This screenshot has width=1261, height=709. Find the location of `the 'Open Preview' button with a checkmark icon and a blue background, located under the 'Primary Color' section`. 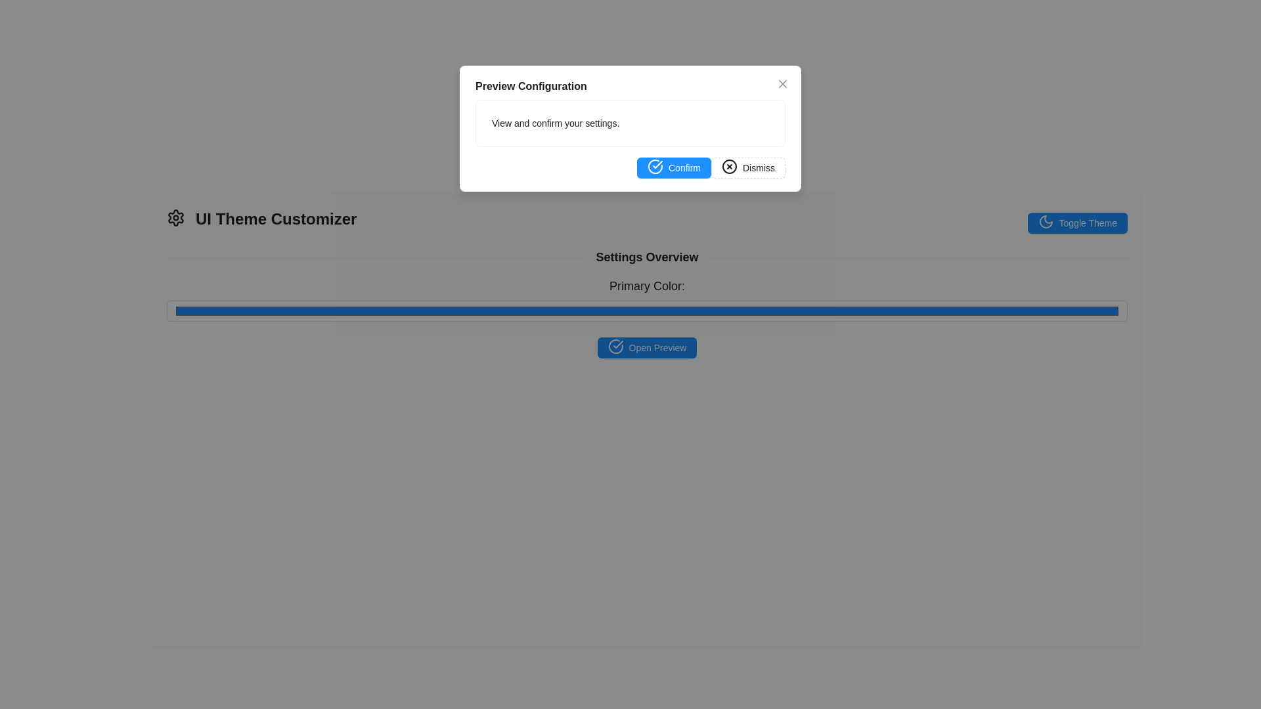

the 'Open Preview' button with a checkmark icon and a blue background, located under the 'Primary Color' section is located at coordinates (647, 347).